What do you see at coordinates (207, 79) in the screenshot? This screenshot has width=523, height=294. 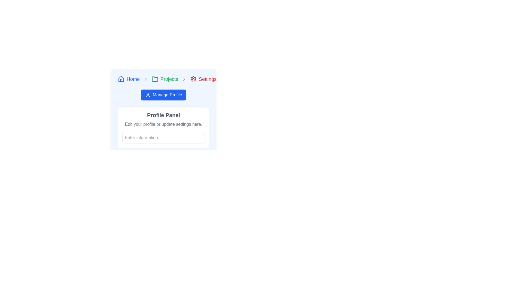 I see `the red text label reading 'Settings' located next to the gear icon` at bounding box center [207, 79].